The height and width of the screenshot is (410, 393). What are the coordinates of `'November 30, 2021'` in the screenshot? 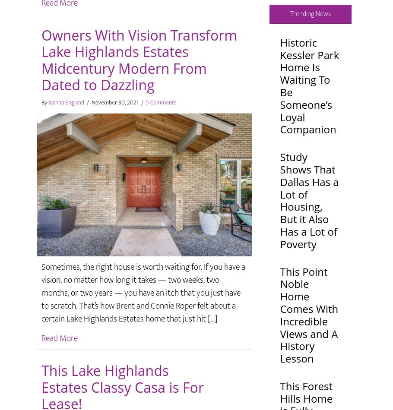 It's located at (115, 102).